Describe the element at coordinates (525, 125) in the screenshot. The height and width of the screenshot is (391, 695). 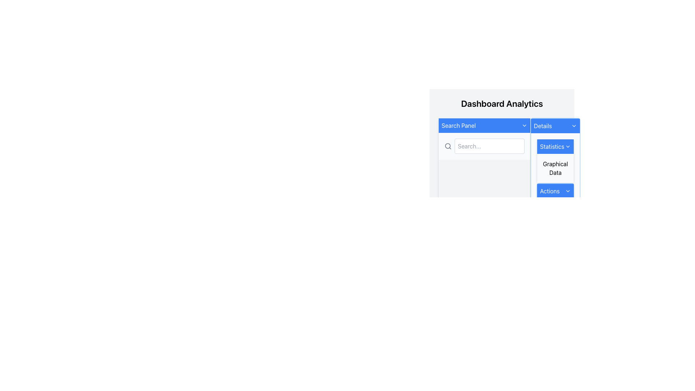
I see `the collapsible button located at the right end of the blue header labeled 'Search Panel'` at that location.